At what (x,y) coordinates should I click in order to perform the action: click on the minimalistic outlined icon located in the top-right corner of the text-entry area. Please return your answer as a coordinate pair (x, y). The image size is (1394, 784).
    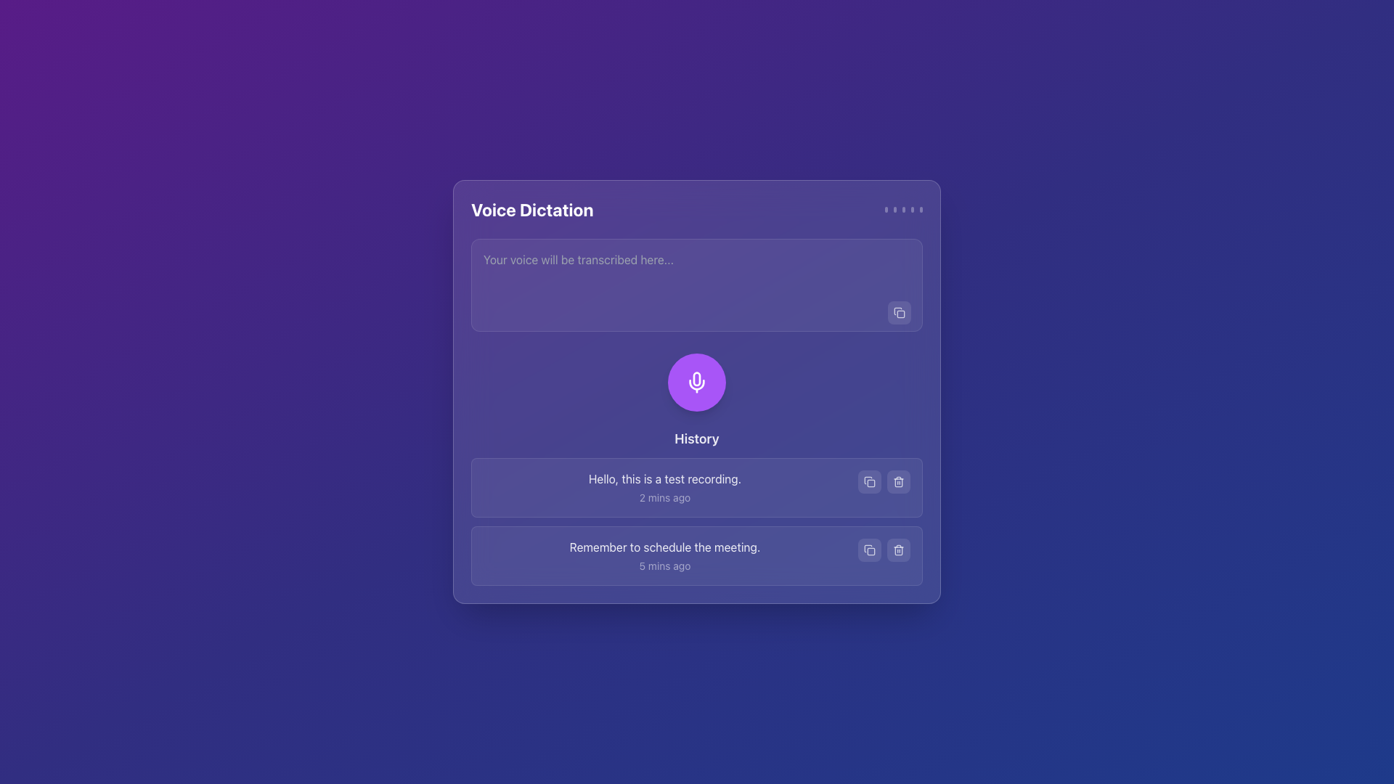
    Looking at the image, I should click on (897, 310).